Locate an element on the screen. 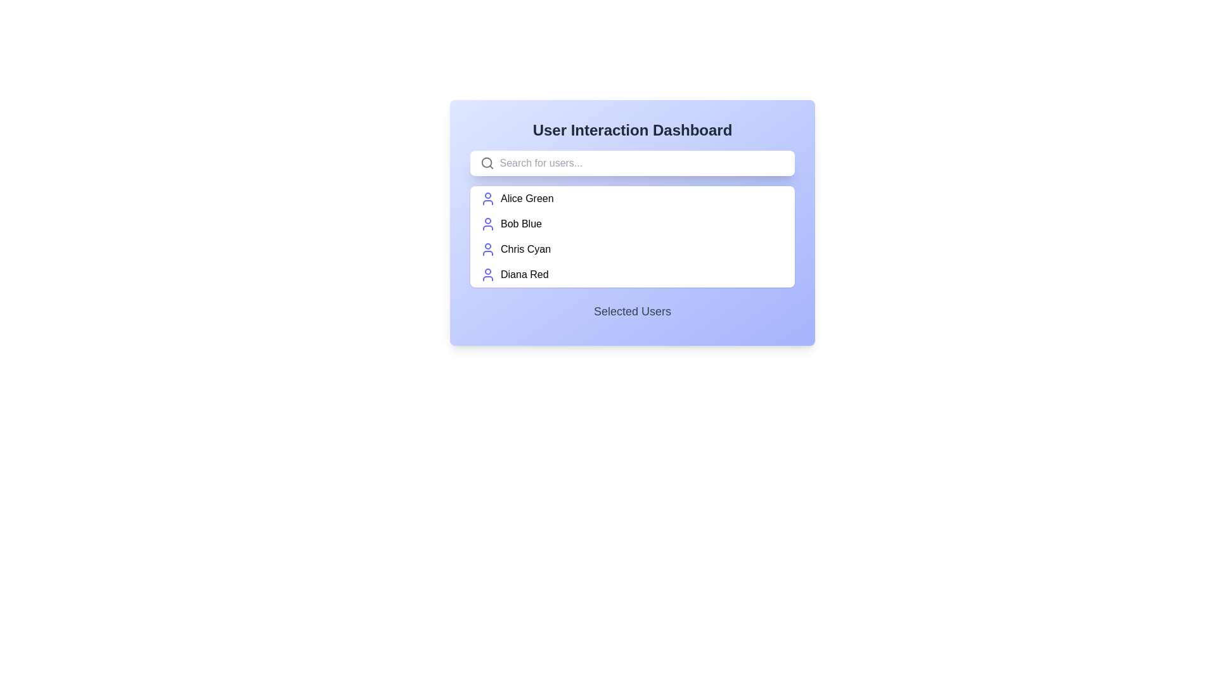 The width and height of the screenshot is (1217, 684). to select the list item containing the text 'Chris Cyan', which is the third item in a vertical list, below 'Bob Blue' and above 'Diana Red' is located at coordinates (633, 249).